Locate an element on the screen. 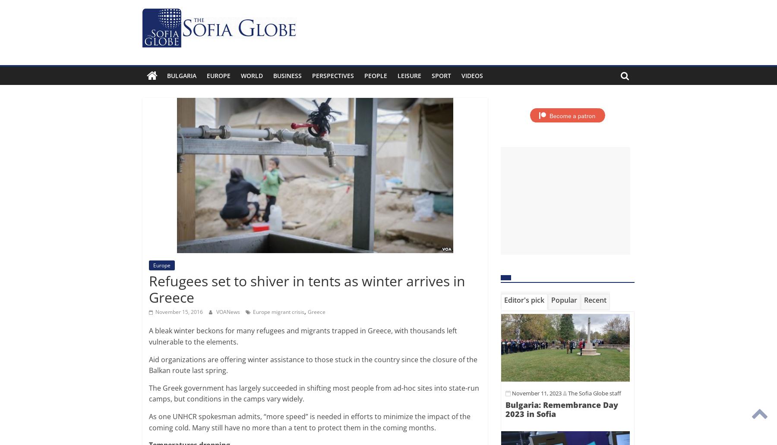 Image resolution: width=777 pixels, height=445 pixels. 'November 11, 2023' is located at coordinates (537, 392).